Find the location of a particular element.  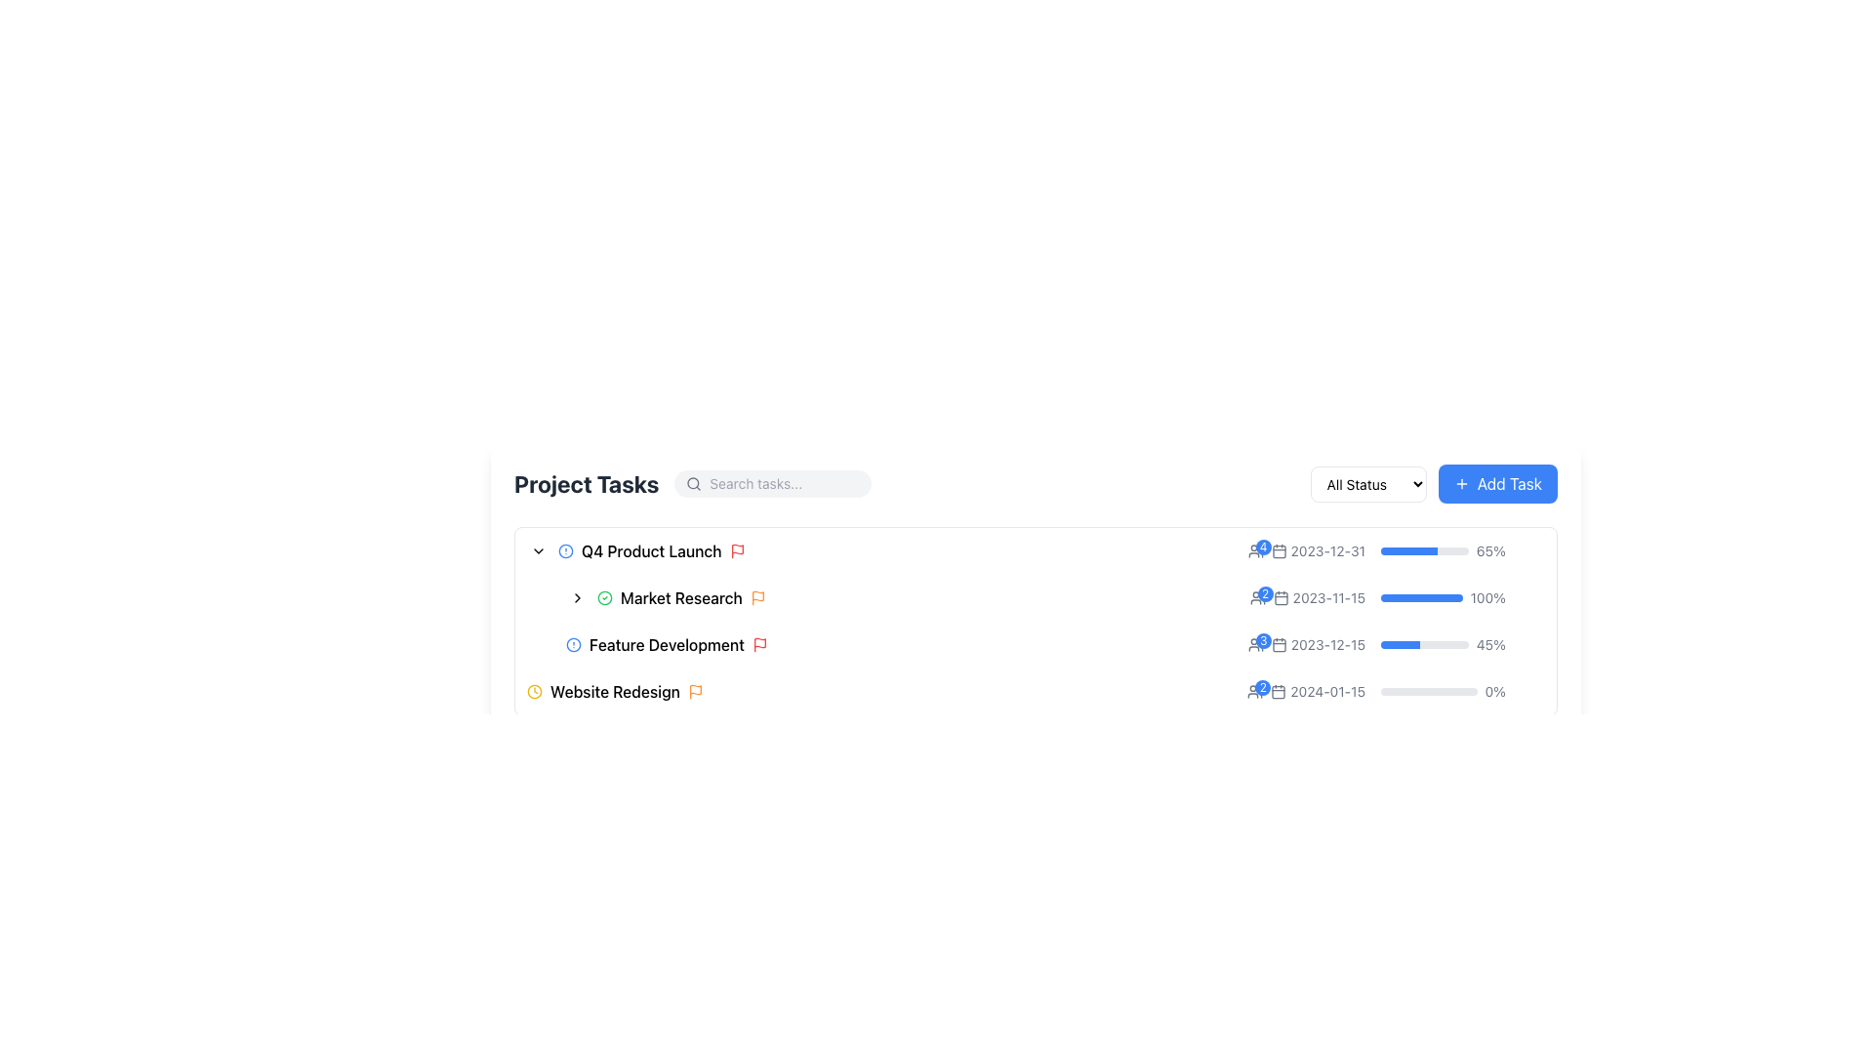

the second progress bar in the task list that indicates completion status, located to the right of the date '2023-11-15' is located at coordinates (1443, 597).